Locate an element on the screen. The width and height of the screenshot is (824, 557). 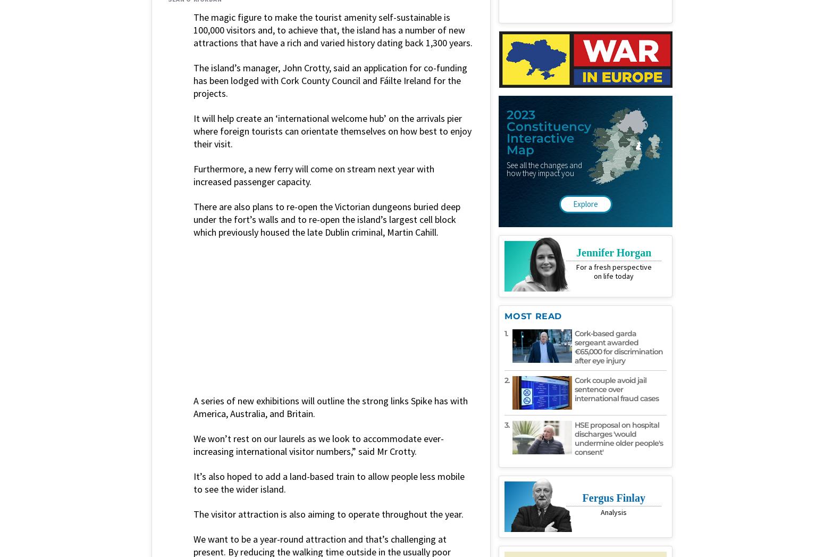
'news' is located at coordinates (224, 392).